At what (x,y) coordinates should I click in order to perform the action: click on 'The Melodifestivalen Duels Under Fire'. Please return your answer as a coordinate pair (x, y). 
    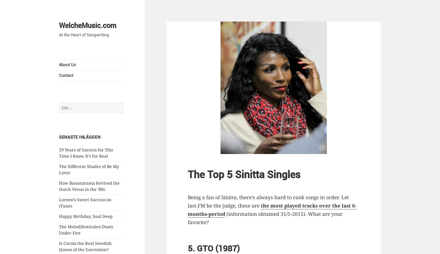
    Looking at the image, I should click on (86, 229).